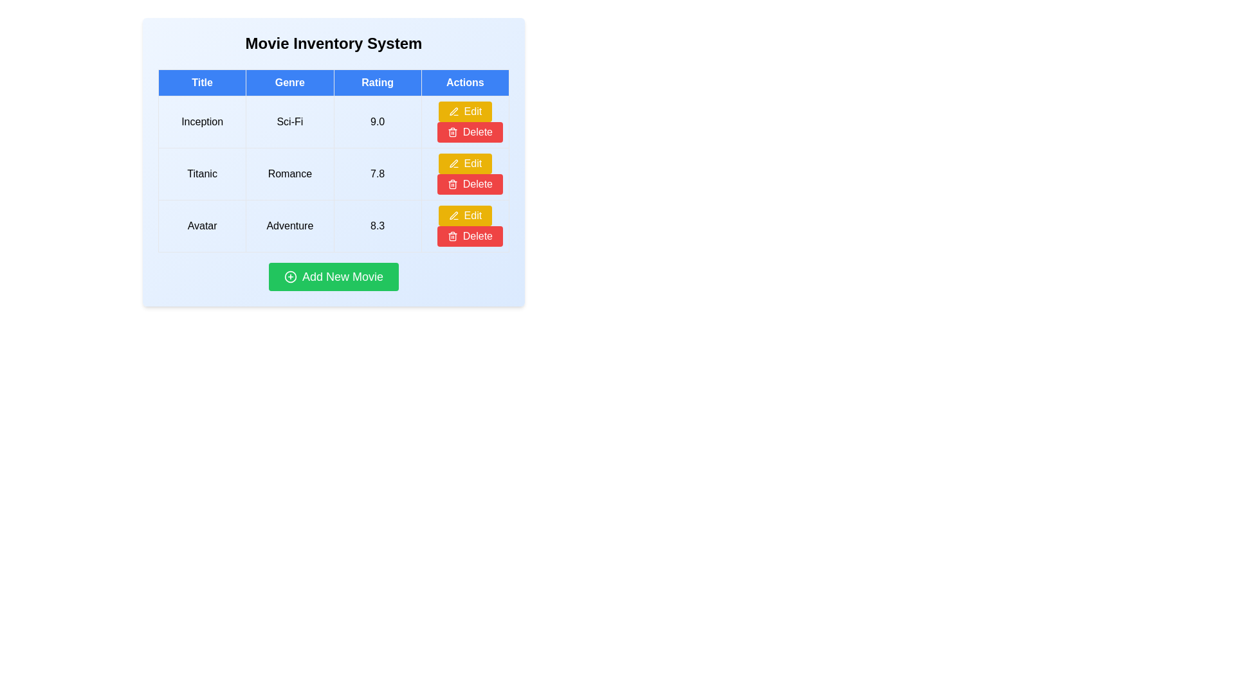 The height and width of the screenshot is (694, 1235). I want to click on the rectangular 'Edit' button with a yellow background and white text for the 'Inception' movie, located in the 'Actions' column of the table, to change its shade, so click(464, 111).